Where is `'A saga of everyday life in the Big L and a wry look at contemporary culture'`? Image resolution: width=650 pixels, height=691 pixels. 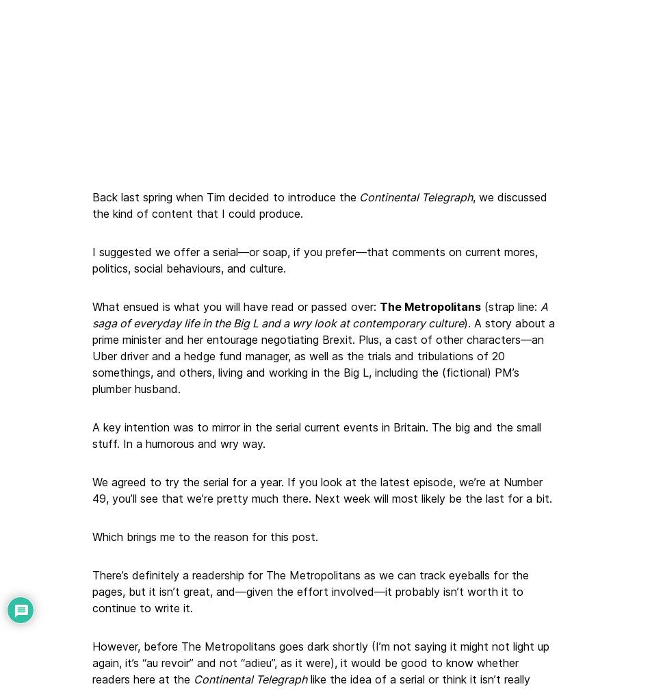
'A saga of everyday life in the Big L and a wry look at contemporary culture' is located at coordinates (92, 313).